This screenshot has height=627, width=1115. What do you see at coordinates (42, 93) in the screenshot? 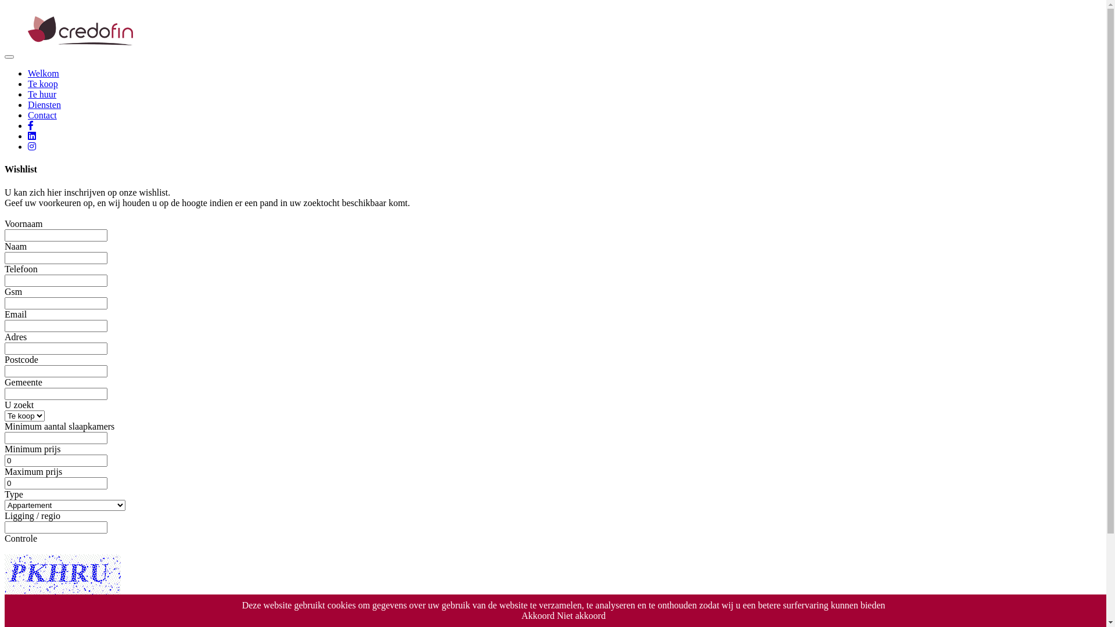
I see `'Te huur'` at bounding box center [42, 93].